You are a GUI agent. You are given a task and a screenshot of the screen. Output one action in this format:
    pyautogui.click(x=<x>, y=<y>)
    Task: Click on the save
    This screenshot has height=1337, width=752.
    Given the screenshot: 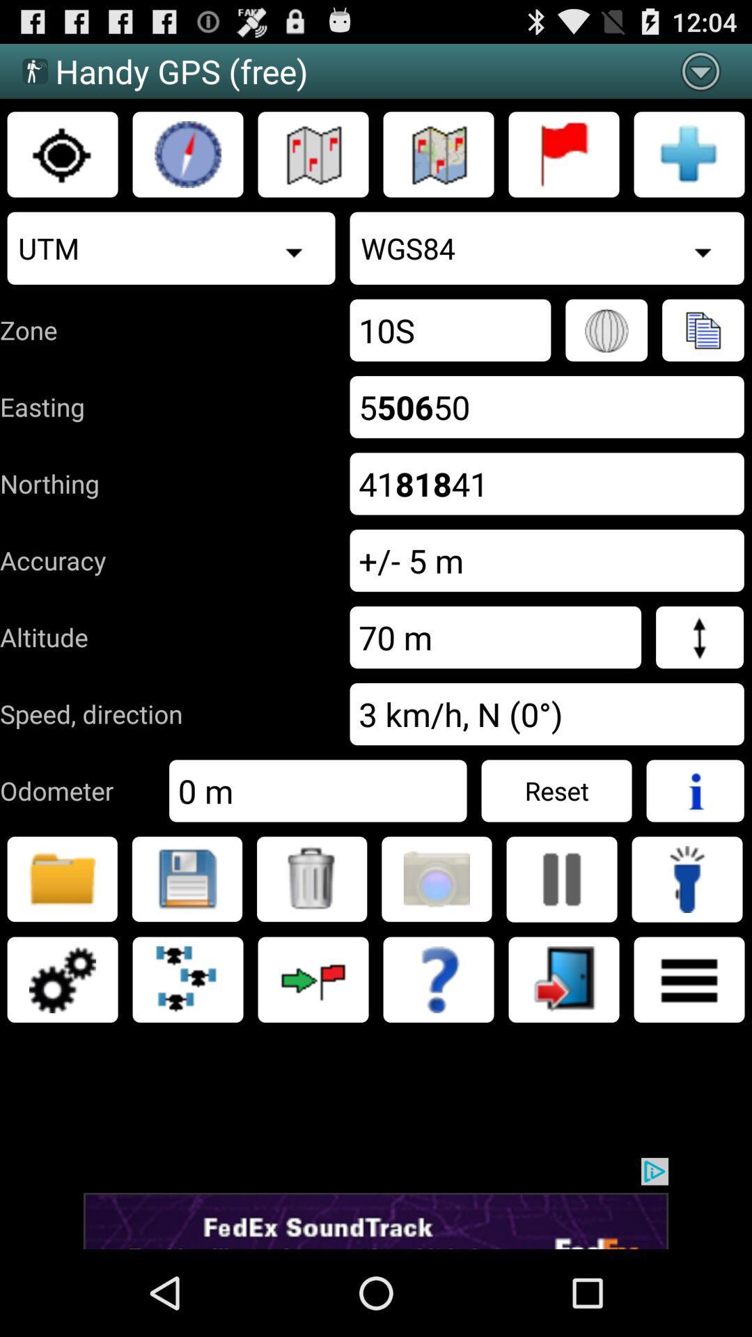 What is the action you would take?
    pyautogui.click(x=186, y=878)
    